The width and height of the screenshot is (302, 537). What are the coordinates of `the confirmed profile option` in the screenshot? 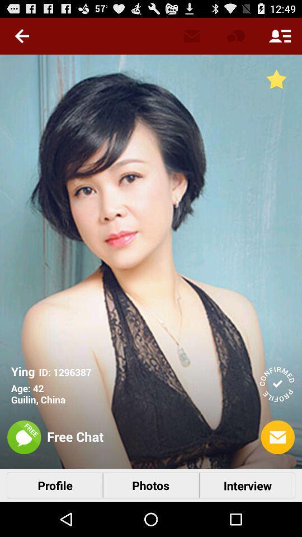 It's located at (276, 384).